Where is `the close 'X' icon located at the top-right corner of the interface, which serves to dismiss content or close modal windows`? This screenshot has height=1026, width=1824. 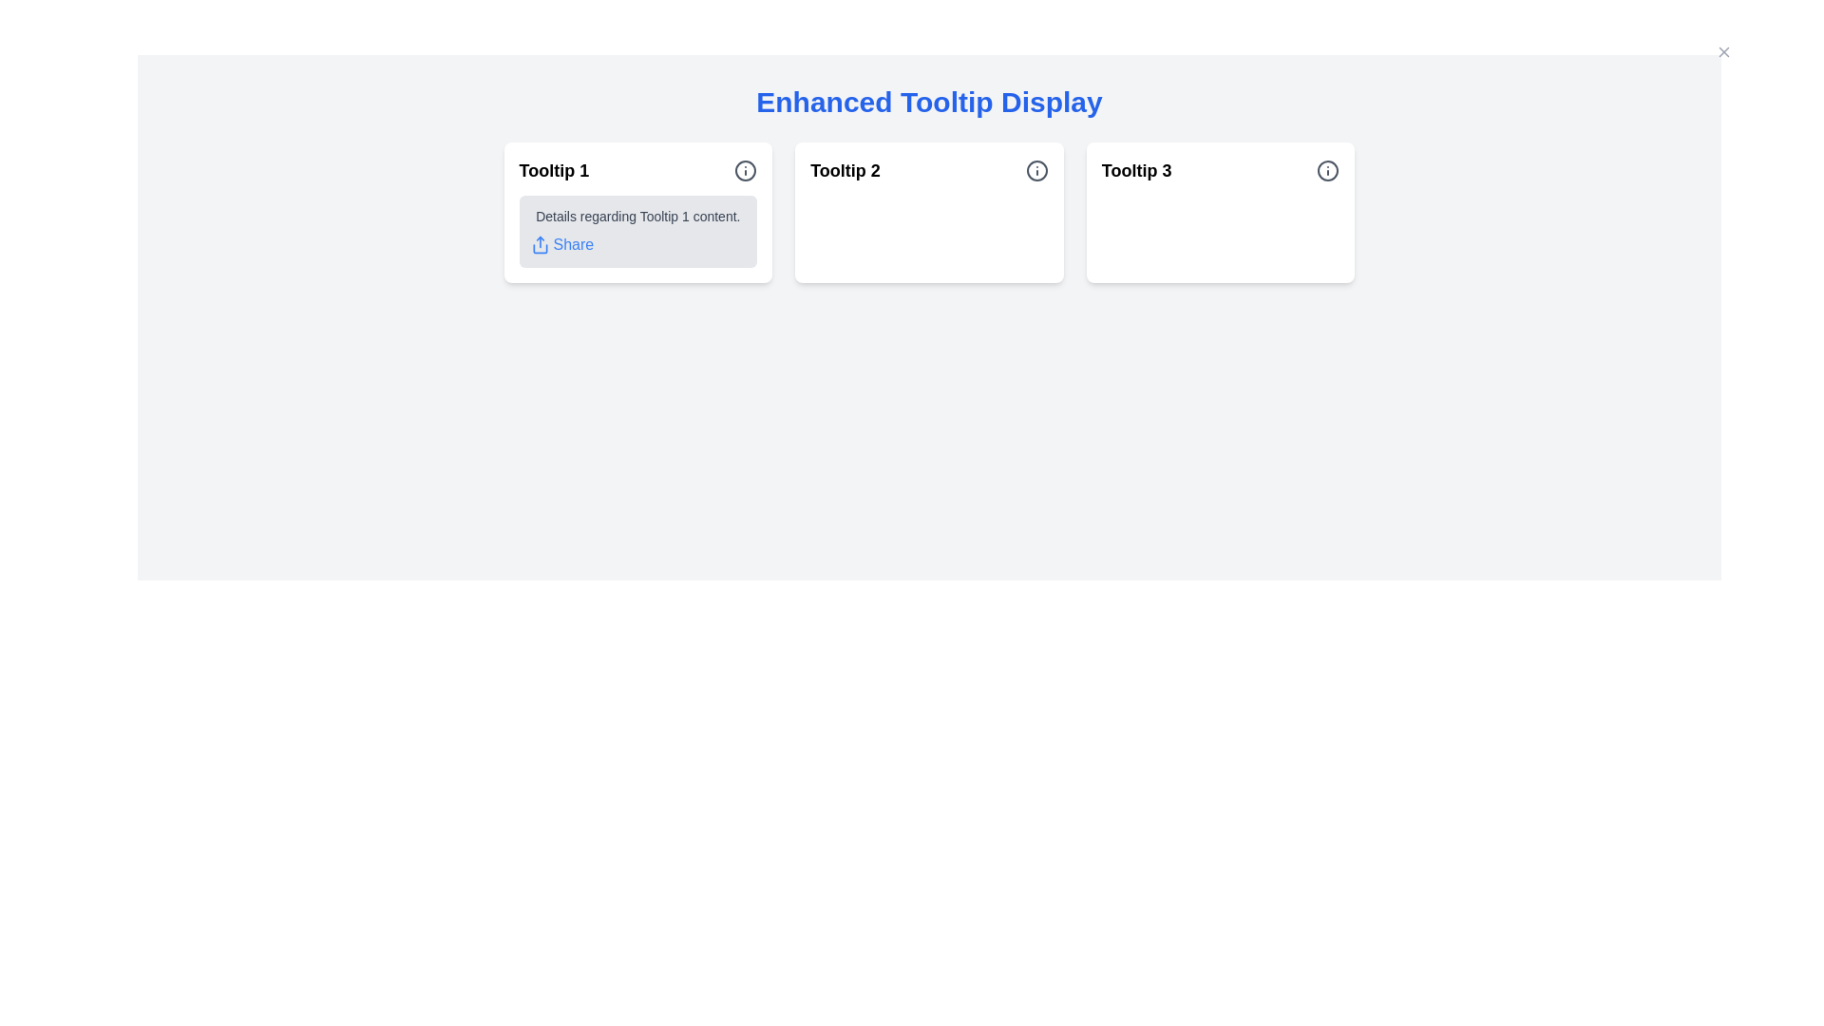 the close 'X' icon located at the top-right corner of the interface, which serves to dismiss content or close modal windows is located at coordinates (1723, 50).